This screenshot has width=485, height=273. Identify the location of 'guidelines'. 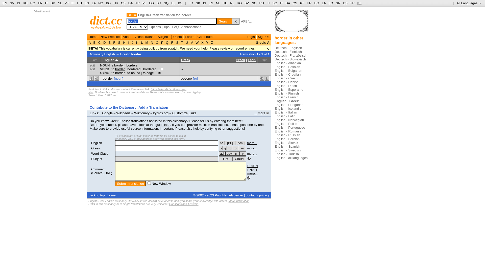
(163, 125).